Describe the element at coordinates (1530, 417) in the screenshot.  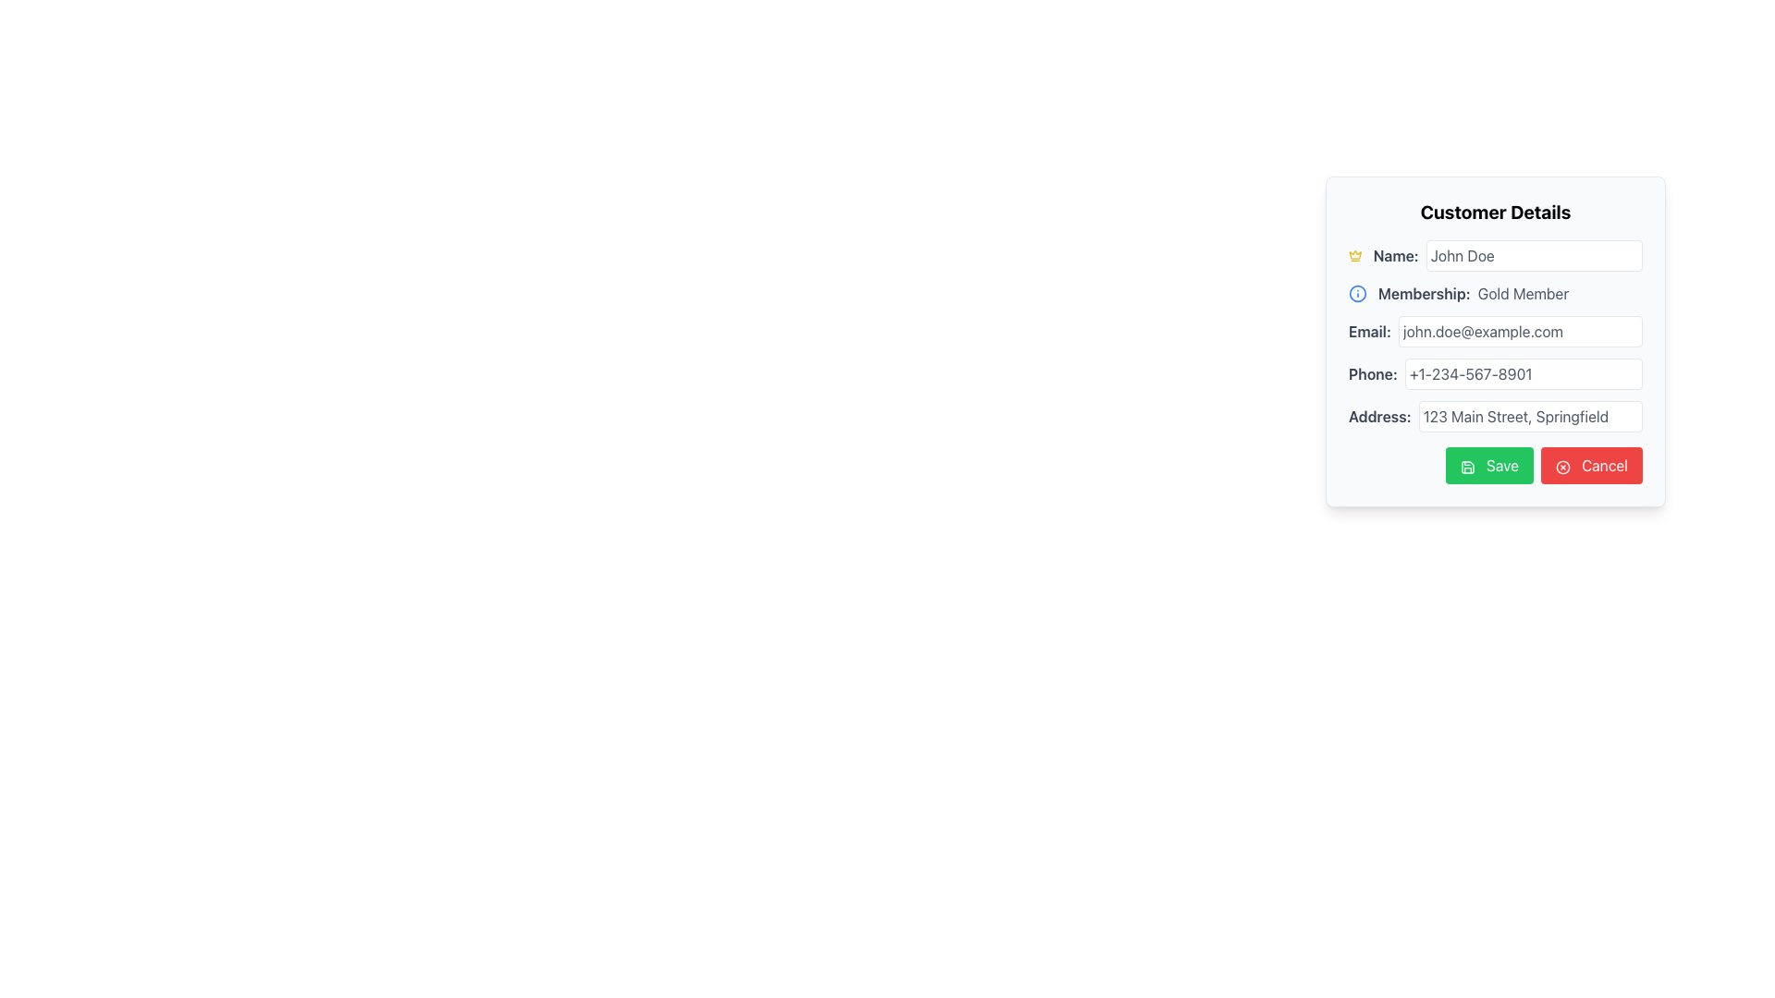
I see `the Text Input Field for the address information` at that location.